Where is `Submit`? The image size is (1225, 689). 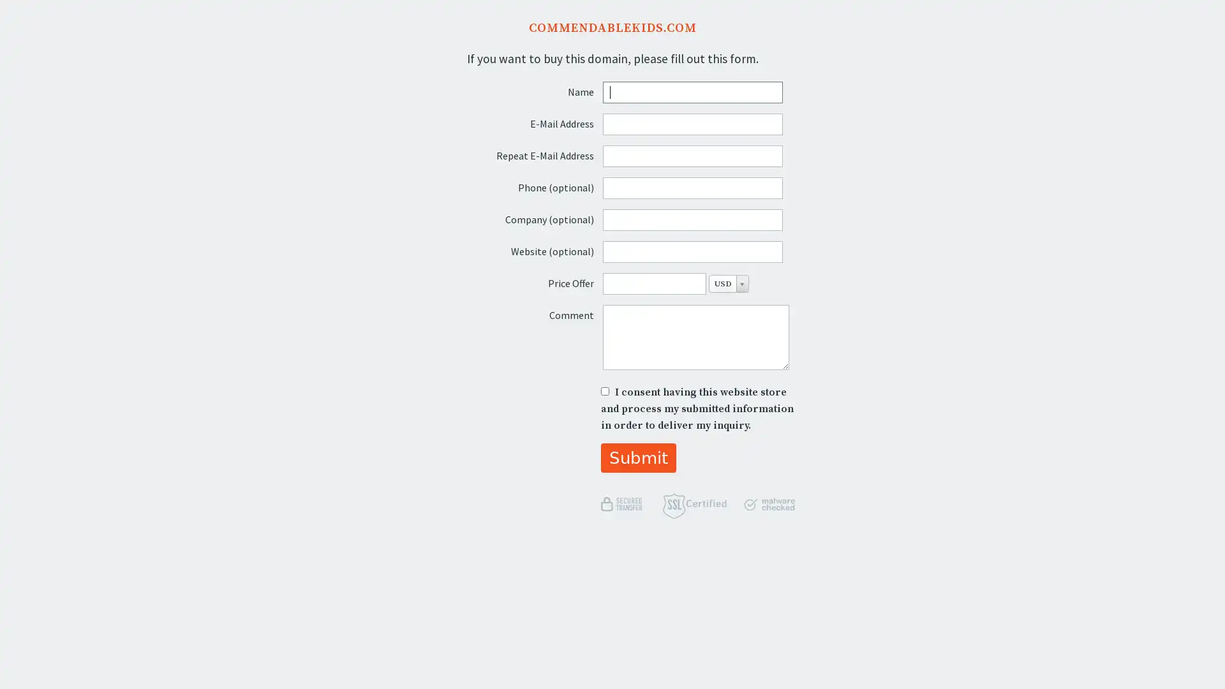
Submit is located at coordinates (638, 457).